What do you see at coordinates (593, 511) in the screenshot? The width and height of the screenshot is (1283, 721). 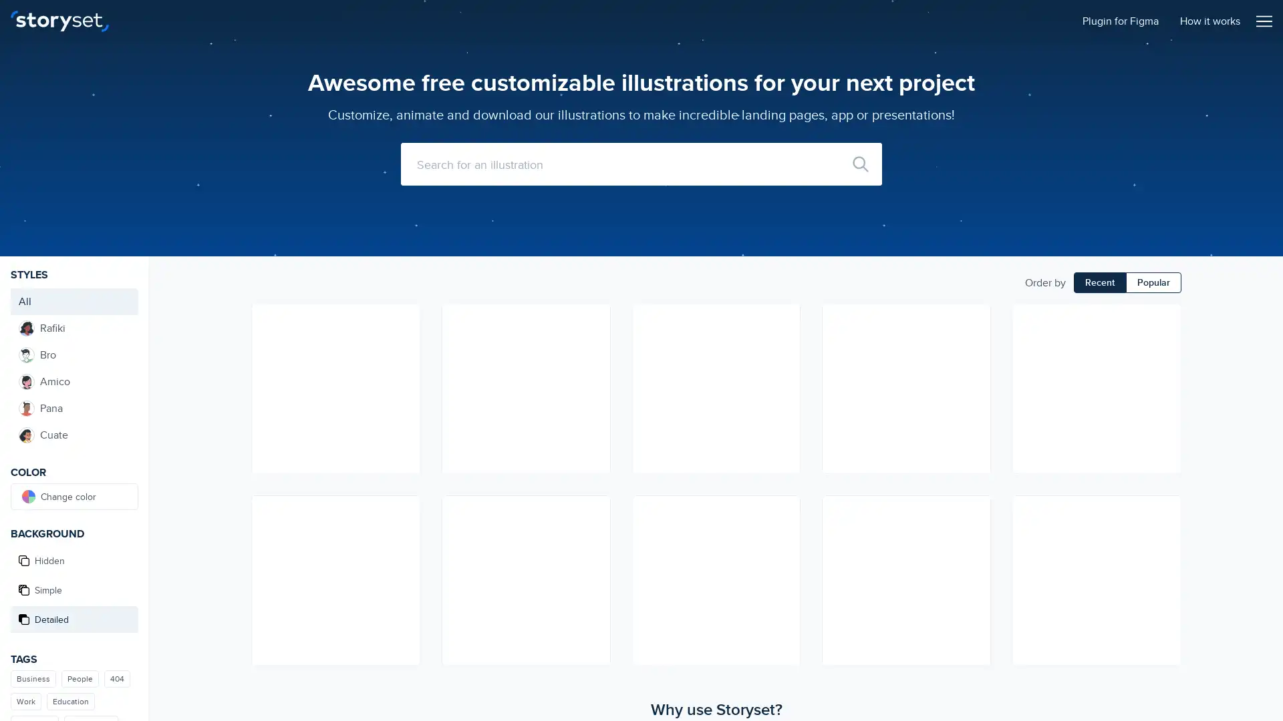 I see `wand icon Animate` at bounding box center [593, 511].